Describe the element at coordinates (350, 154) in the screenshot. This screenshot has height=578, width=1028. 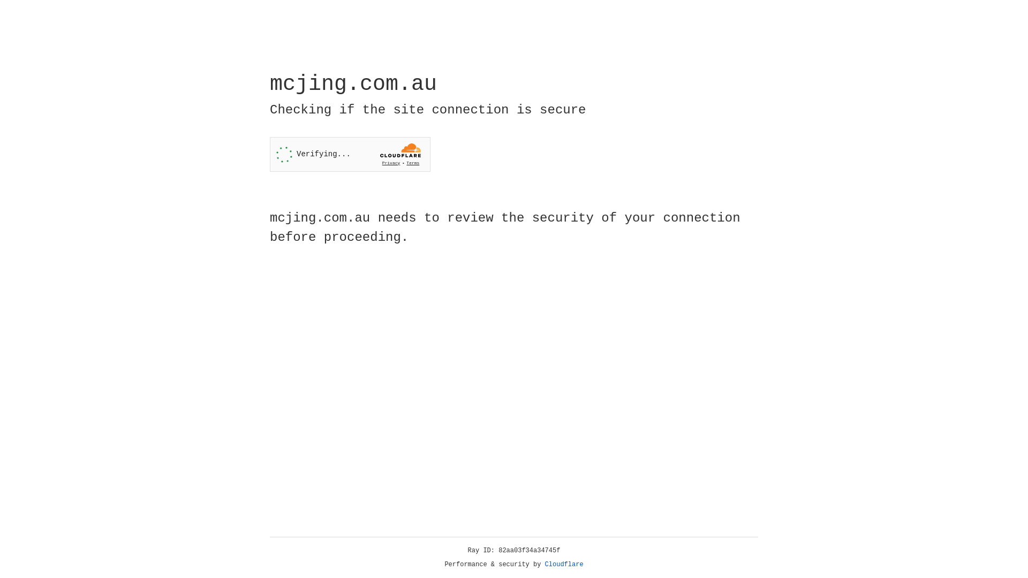
I see `'Widget containing a Cloudflare security challenge'` at that location.